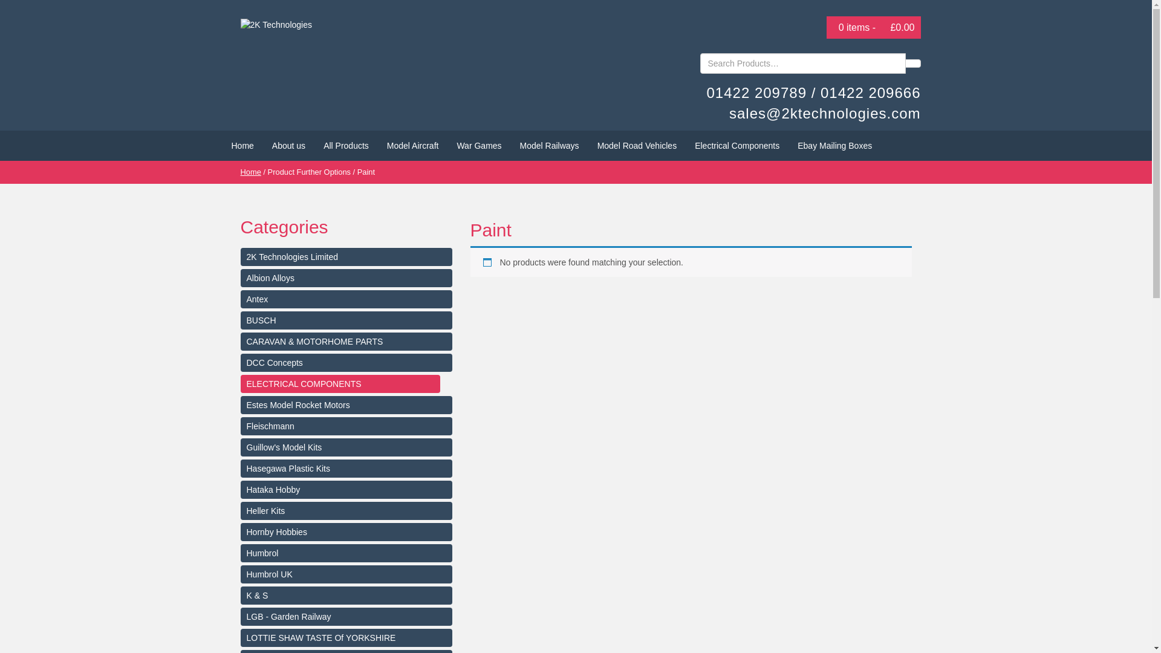  I want to click on 'LOTTIE SHAW TASTE Of YORKSHIRE', so click(345, 637).